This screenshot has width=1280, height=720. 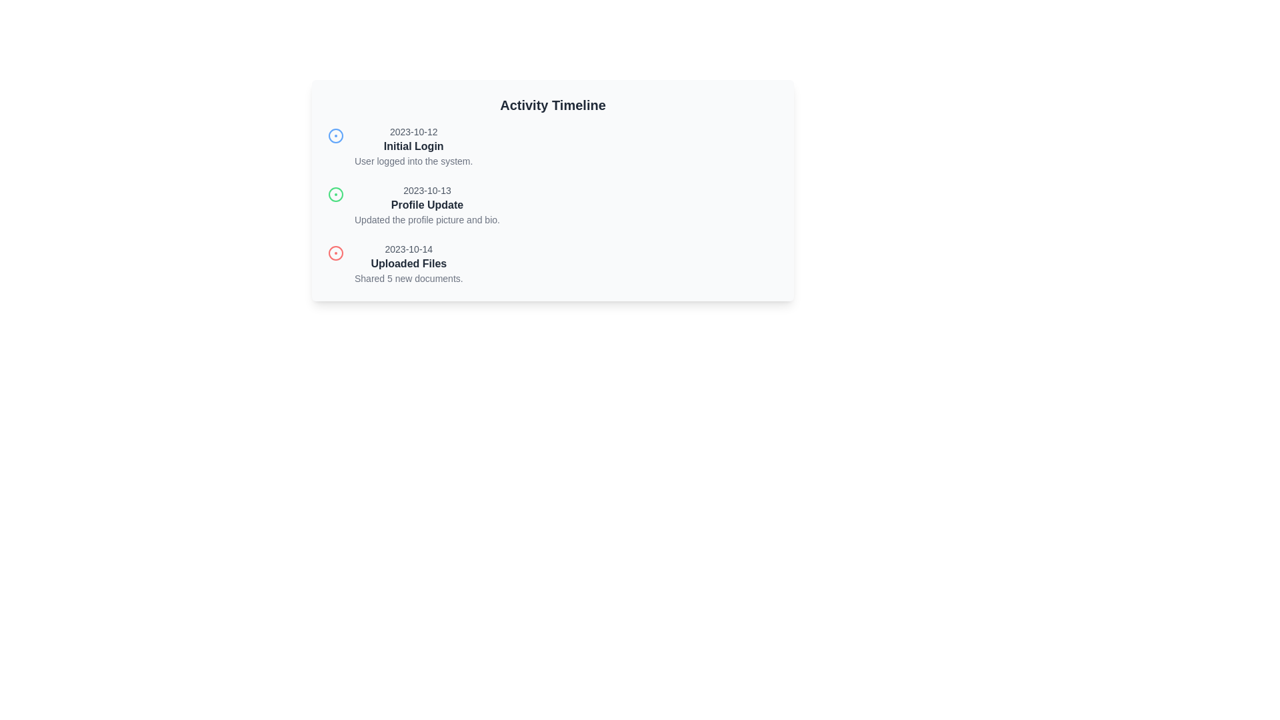 I want to click on the outermost circle of the decorative dot structure in the timeline, which indicates the event for '2023-10-12 Initial Login', so click(x=336, y=136).